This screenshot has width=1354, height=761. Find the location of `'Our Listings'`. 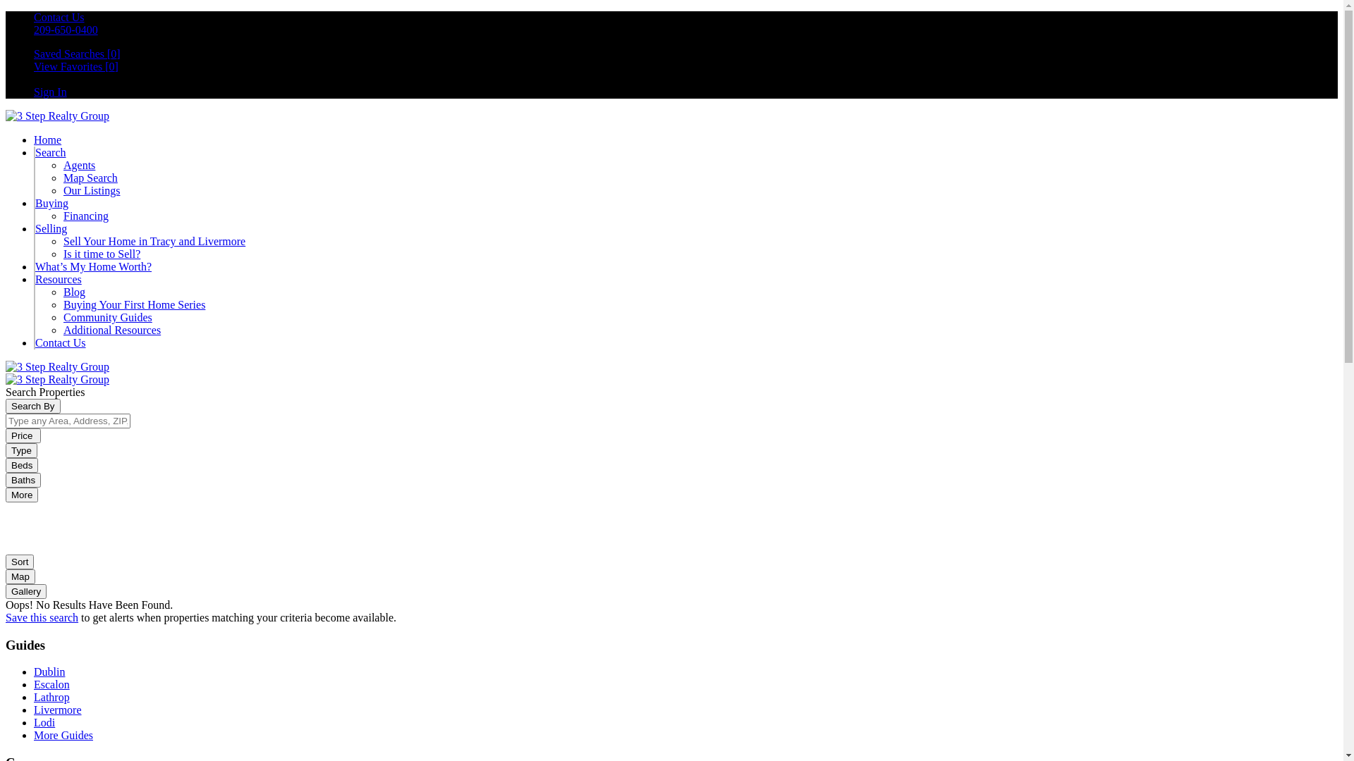

'Our Listings' is located at coordinates (63, 190).